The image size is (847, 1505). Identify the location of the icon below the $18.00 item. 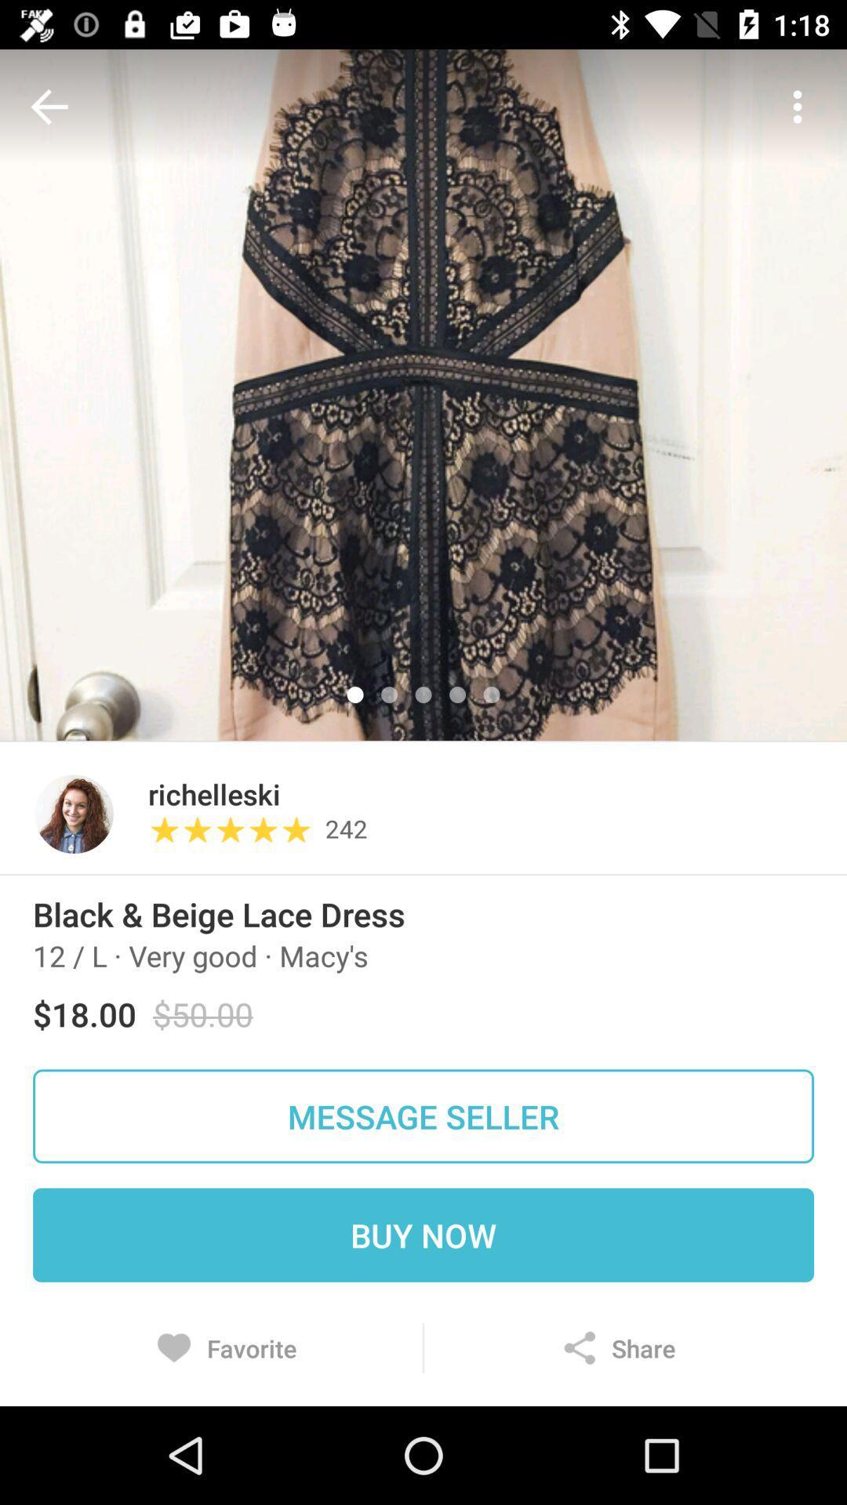
(423, 1115).